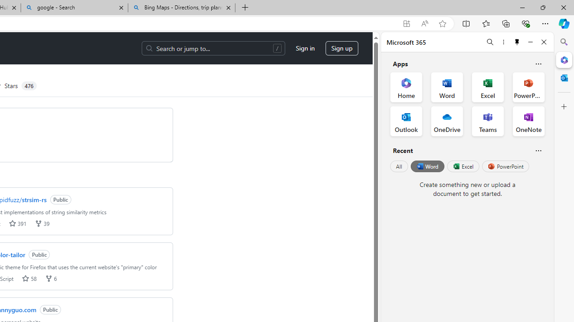  I want to click on 'App available. Install GitHub', so click(406, 23).